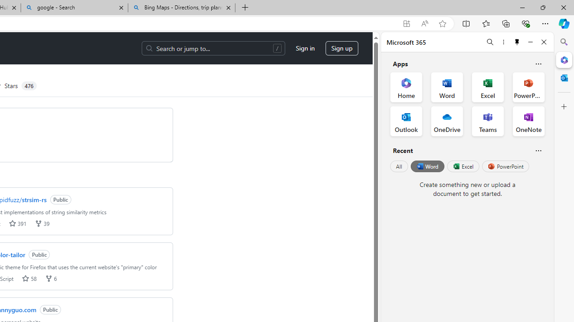  I want to click on 'App available. Install GitHub', so click(406, 23).